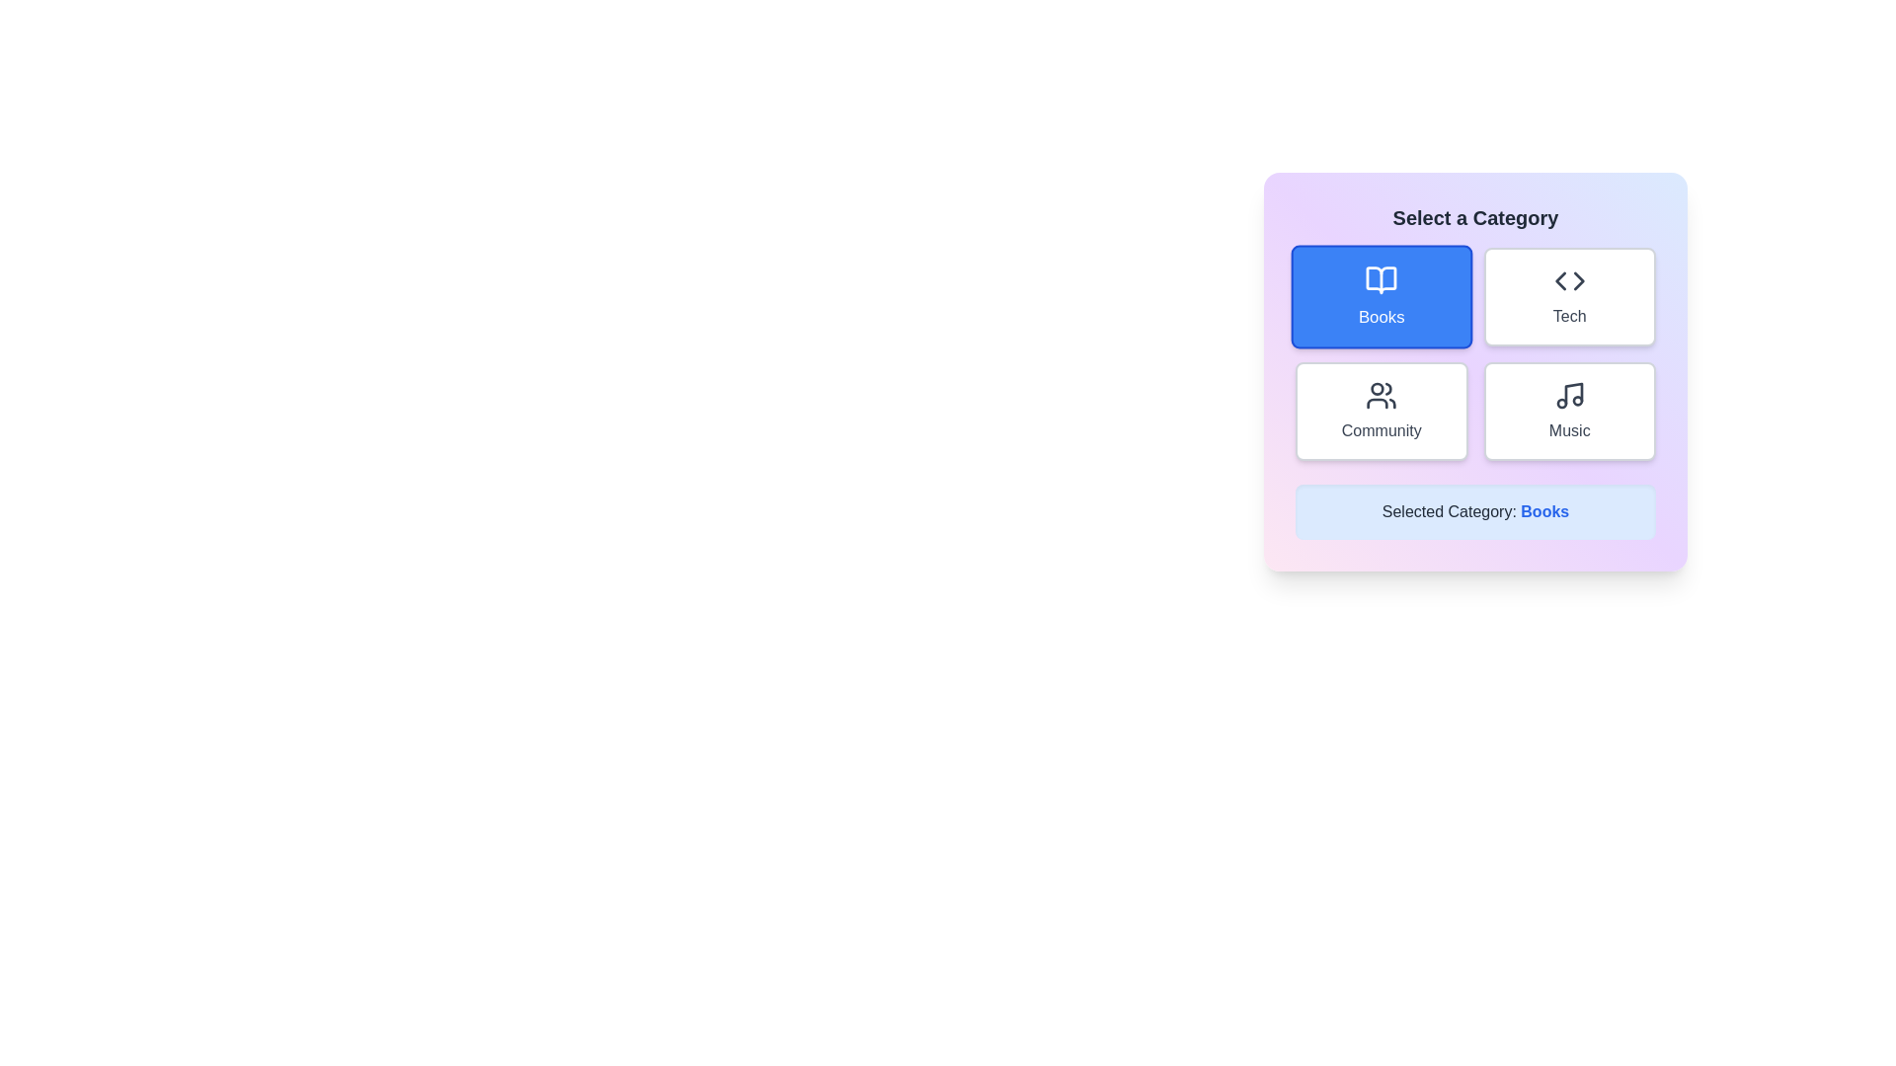 The height and width of the screenshot is (1066, 1896). I want to click on the 'Community' category button, so click(1381, 410).